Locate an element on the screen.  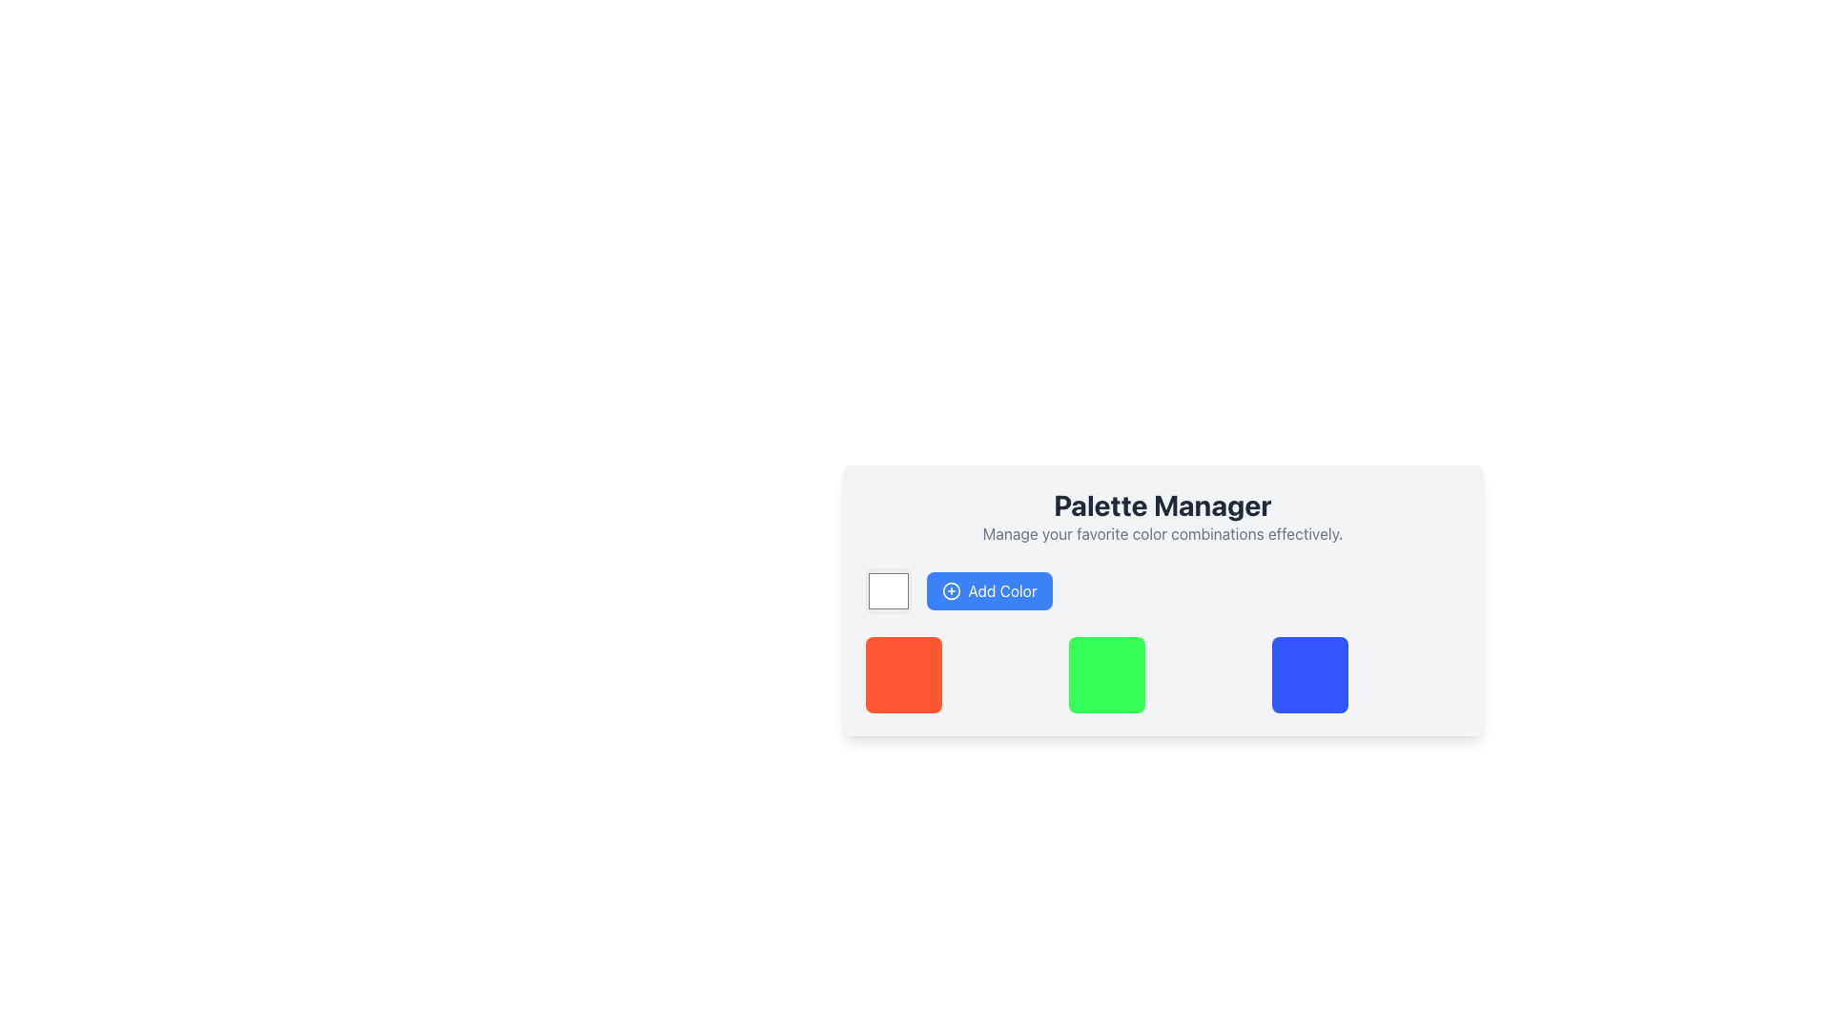
the 'Add Color' button, which is a rectangular button with rounded corners, blue background, and white text, located to the right of the color picker is located at coordinates (989, 590).